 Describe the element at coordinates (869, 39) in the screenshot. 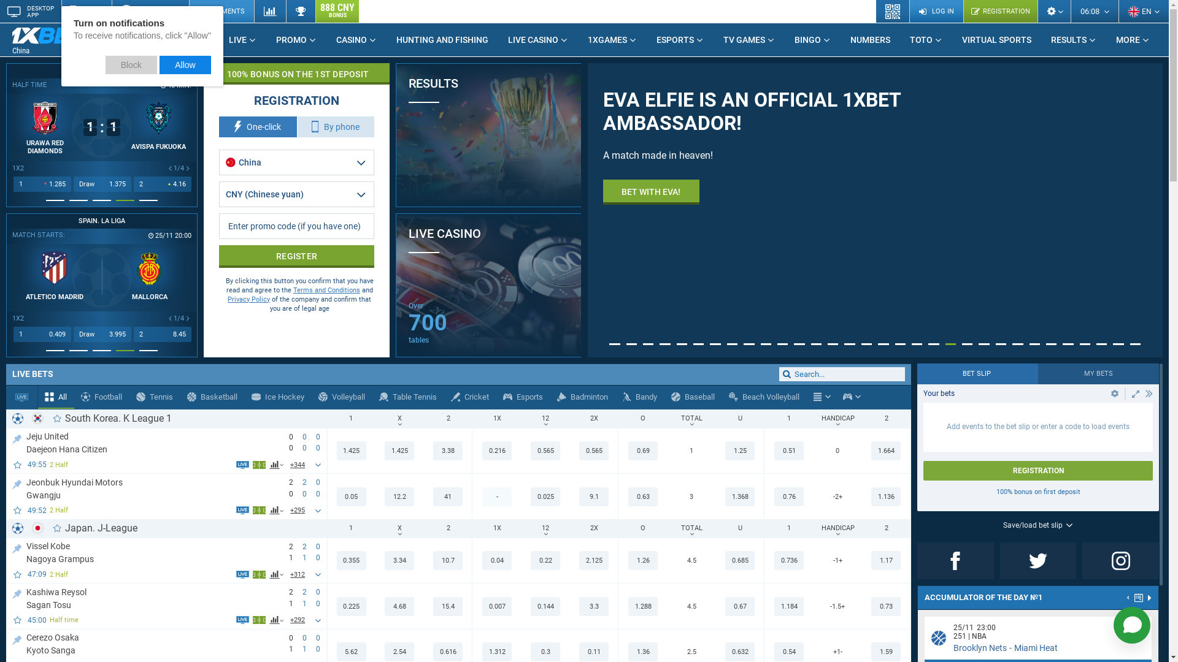

I see `'NUMBERS'` at that location.